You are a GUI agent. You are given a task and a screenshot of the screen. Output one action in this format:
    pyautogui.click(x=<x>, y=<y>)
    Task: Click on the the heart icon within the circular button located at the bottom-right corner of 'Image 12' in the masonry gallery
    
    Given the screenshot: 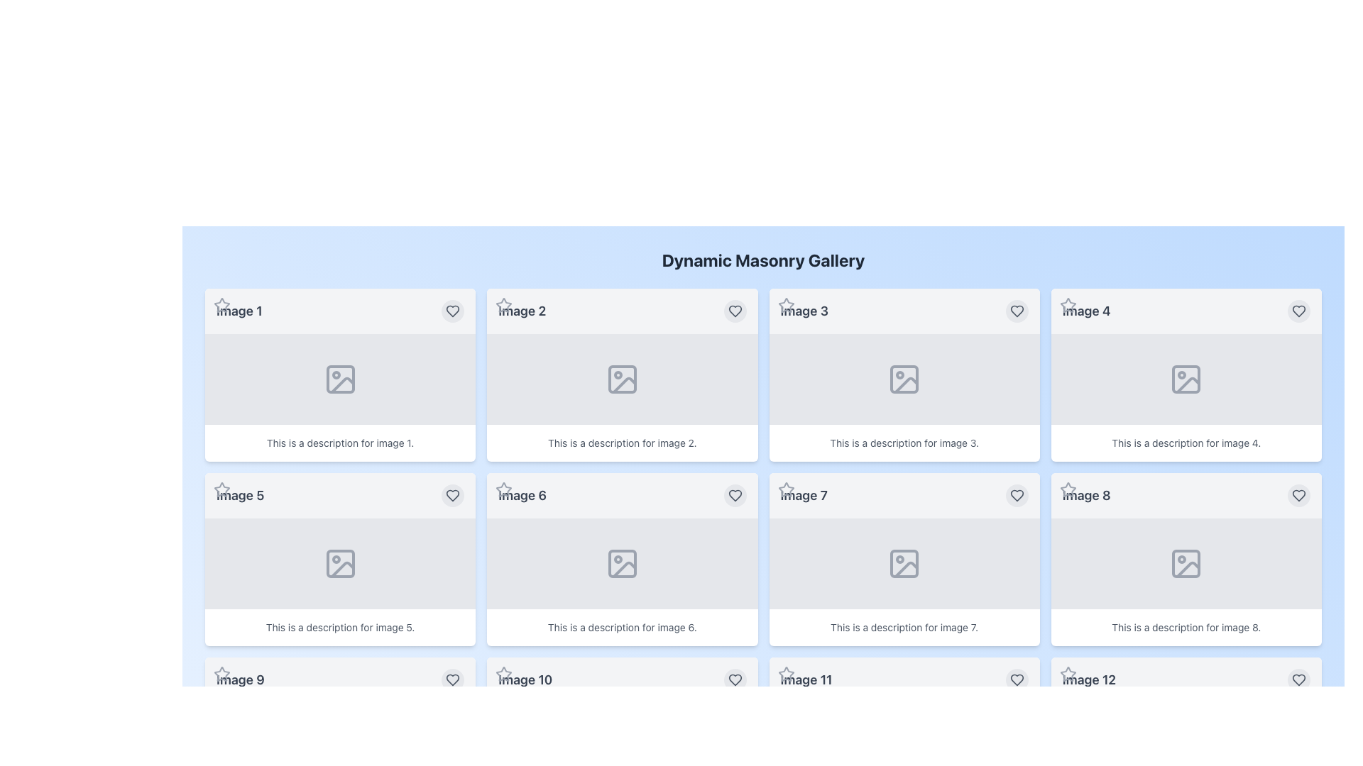 What is the action you would take?
    pyautogui.click(x=1016, y=679)
    